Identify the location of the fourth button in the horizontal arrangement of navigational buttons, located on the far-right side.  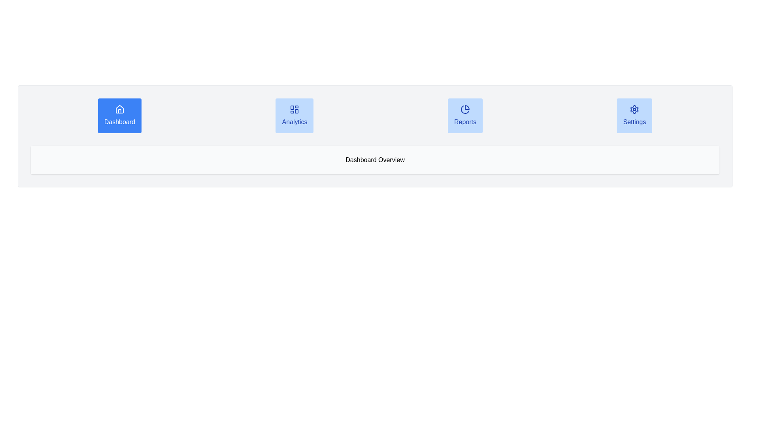
(634, 116).